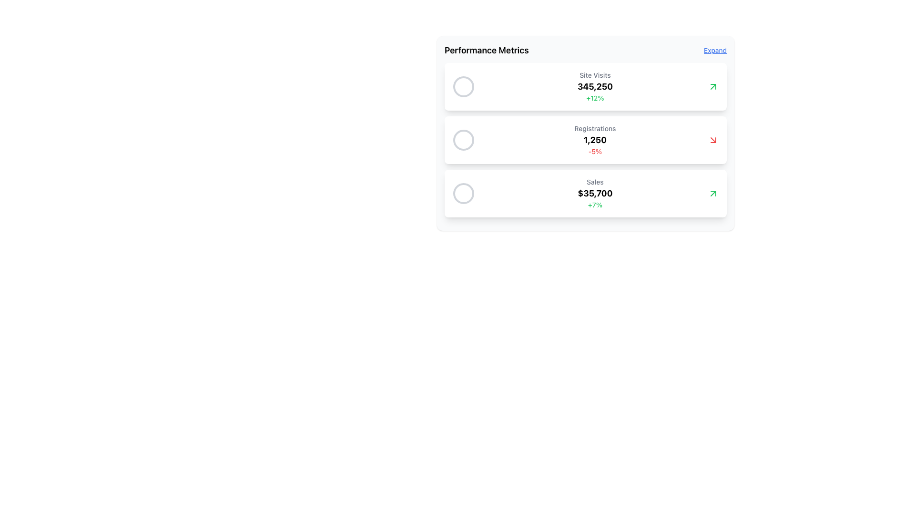  Describe the element at coordinates (585, 134) in the screenshot. I see `the information displayed in the 'Registrations' card, which is the second card in a vertical list, located beneath 'Site Visits' and above 'Sales'` at that location.